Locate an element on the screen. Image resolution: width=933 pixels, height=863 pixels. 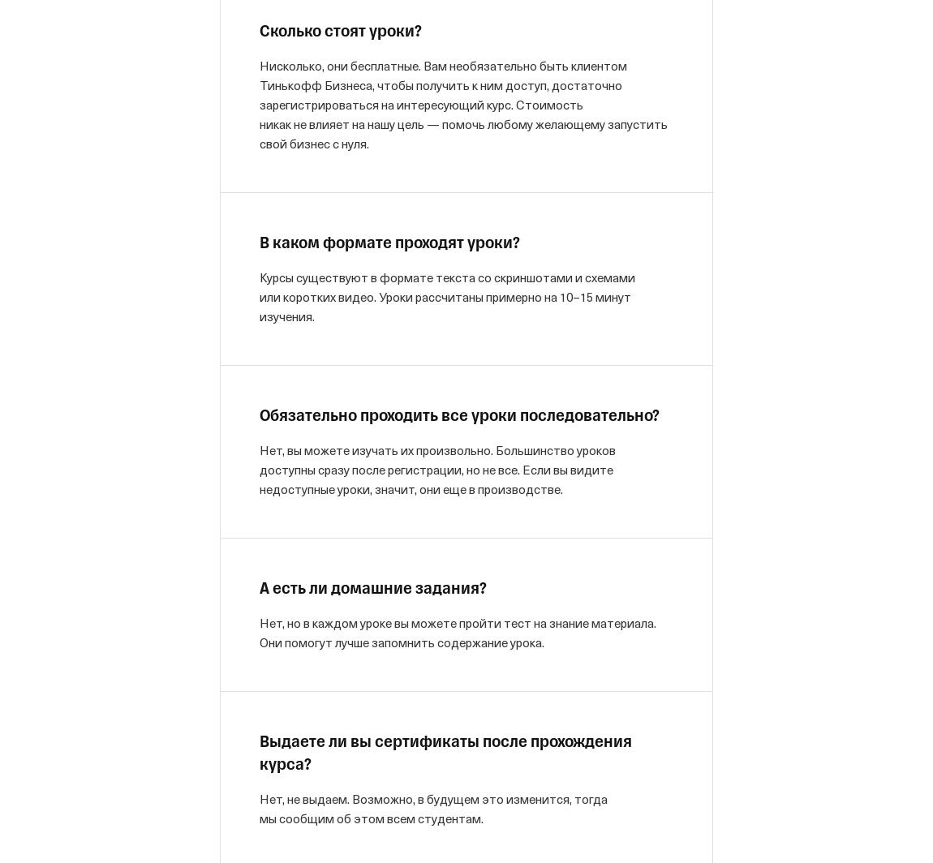
'В каком формате проходят уроки?' is located at coordinates (389, 243).